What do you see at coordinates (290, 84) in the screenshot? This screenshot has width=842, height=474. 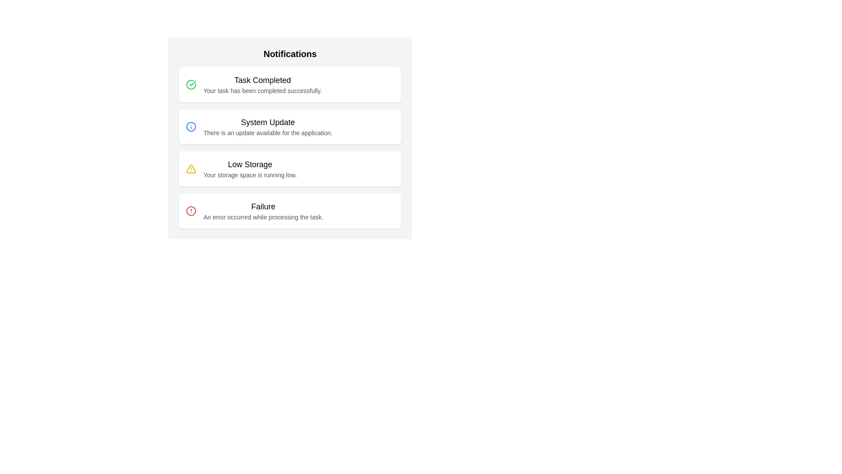 I see `the notification box that contains a green checkmark icon, bold text 'Task Completed', and smaller text 'Your task has been completed successfully.'` at bounding box center [290, 84].